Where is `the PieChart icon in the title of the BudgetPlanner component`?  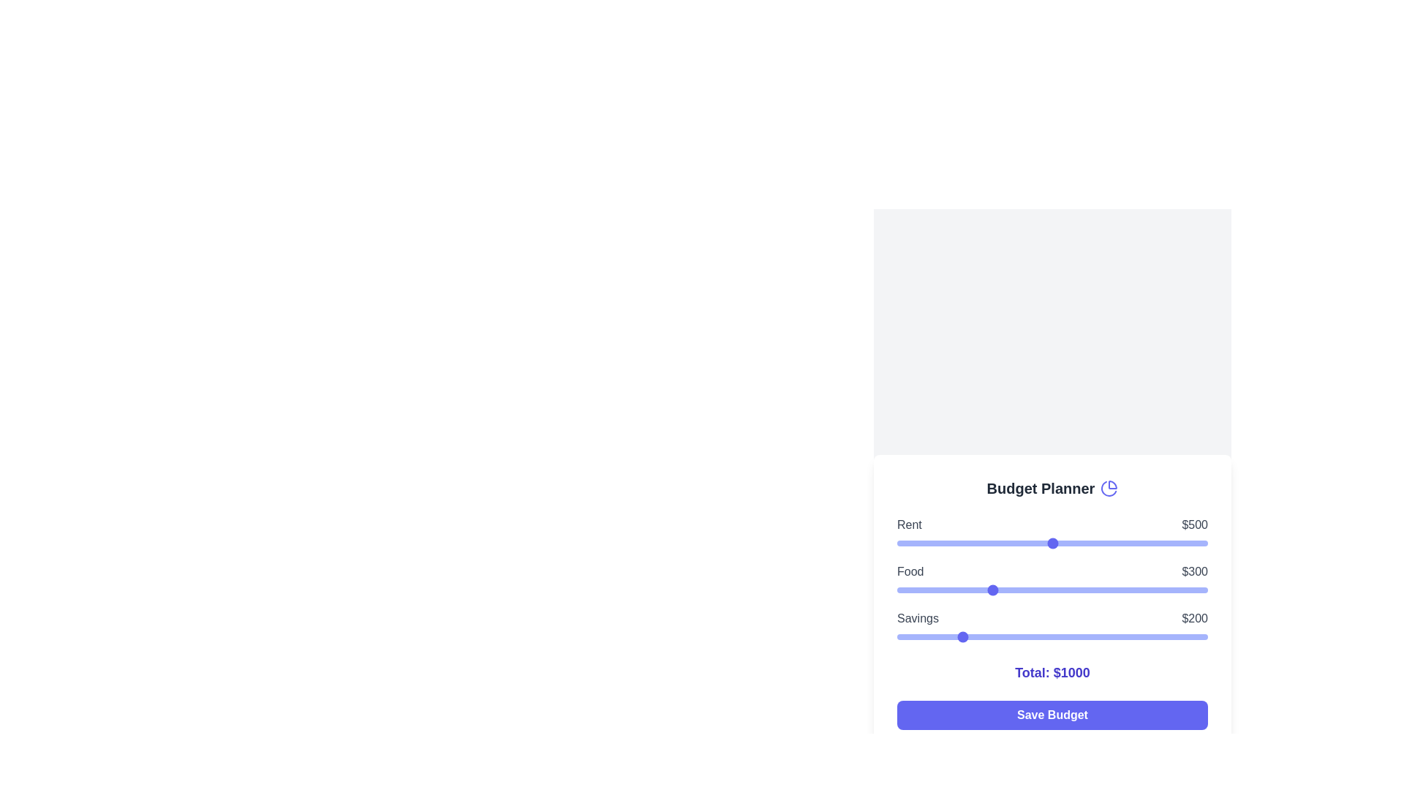 the PieChart icon in the title of the BudgetPlanner component is located at coordinates (1109, 488).